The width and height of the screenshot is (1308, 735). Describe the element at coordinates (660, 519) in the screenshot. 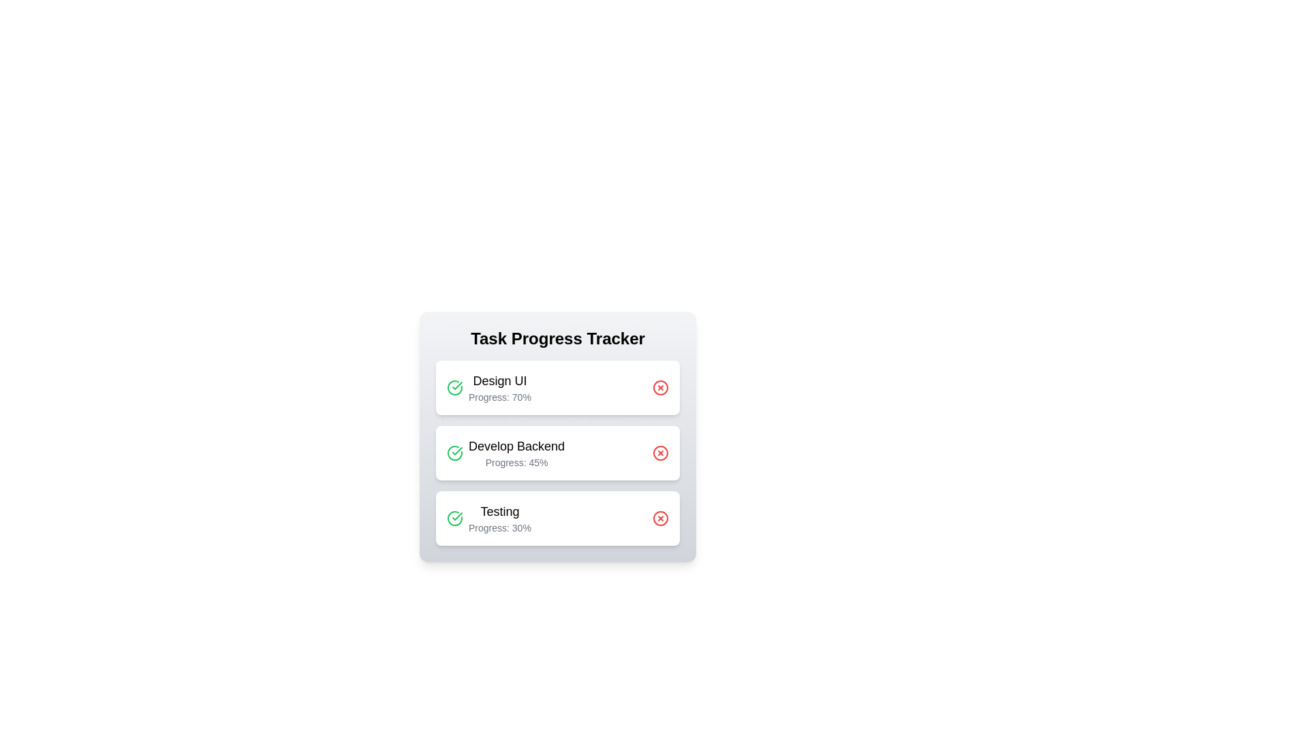

I see `remove button next to the task 'Testing'` at that location.